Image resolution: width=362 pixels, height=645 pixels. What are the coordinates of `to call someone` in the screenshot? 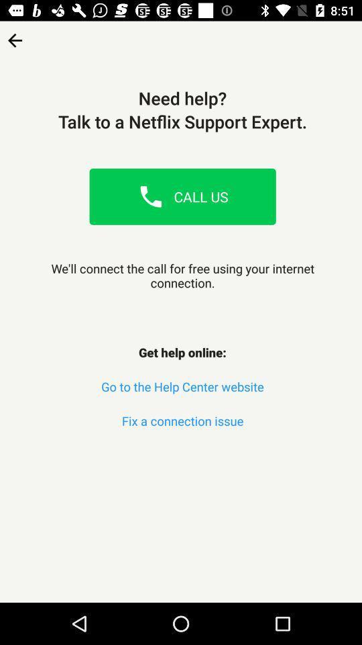 It's located at (150, 196).